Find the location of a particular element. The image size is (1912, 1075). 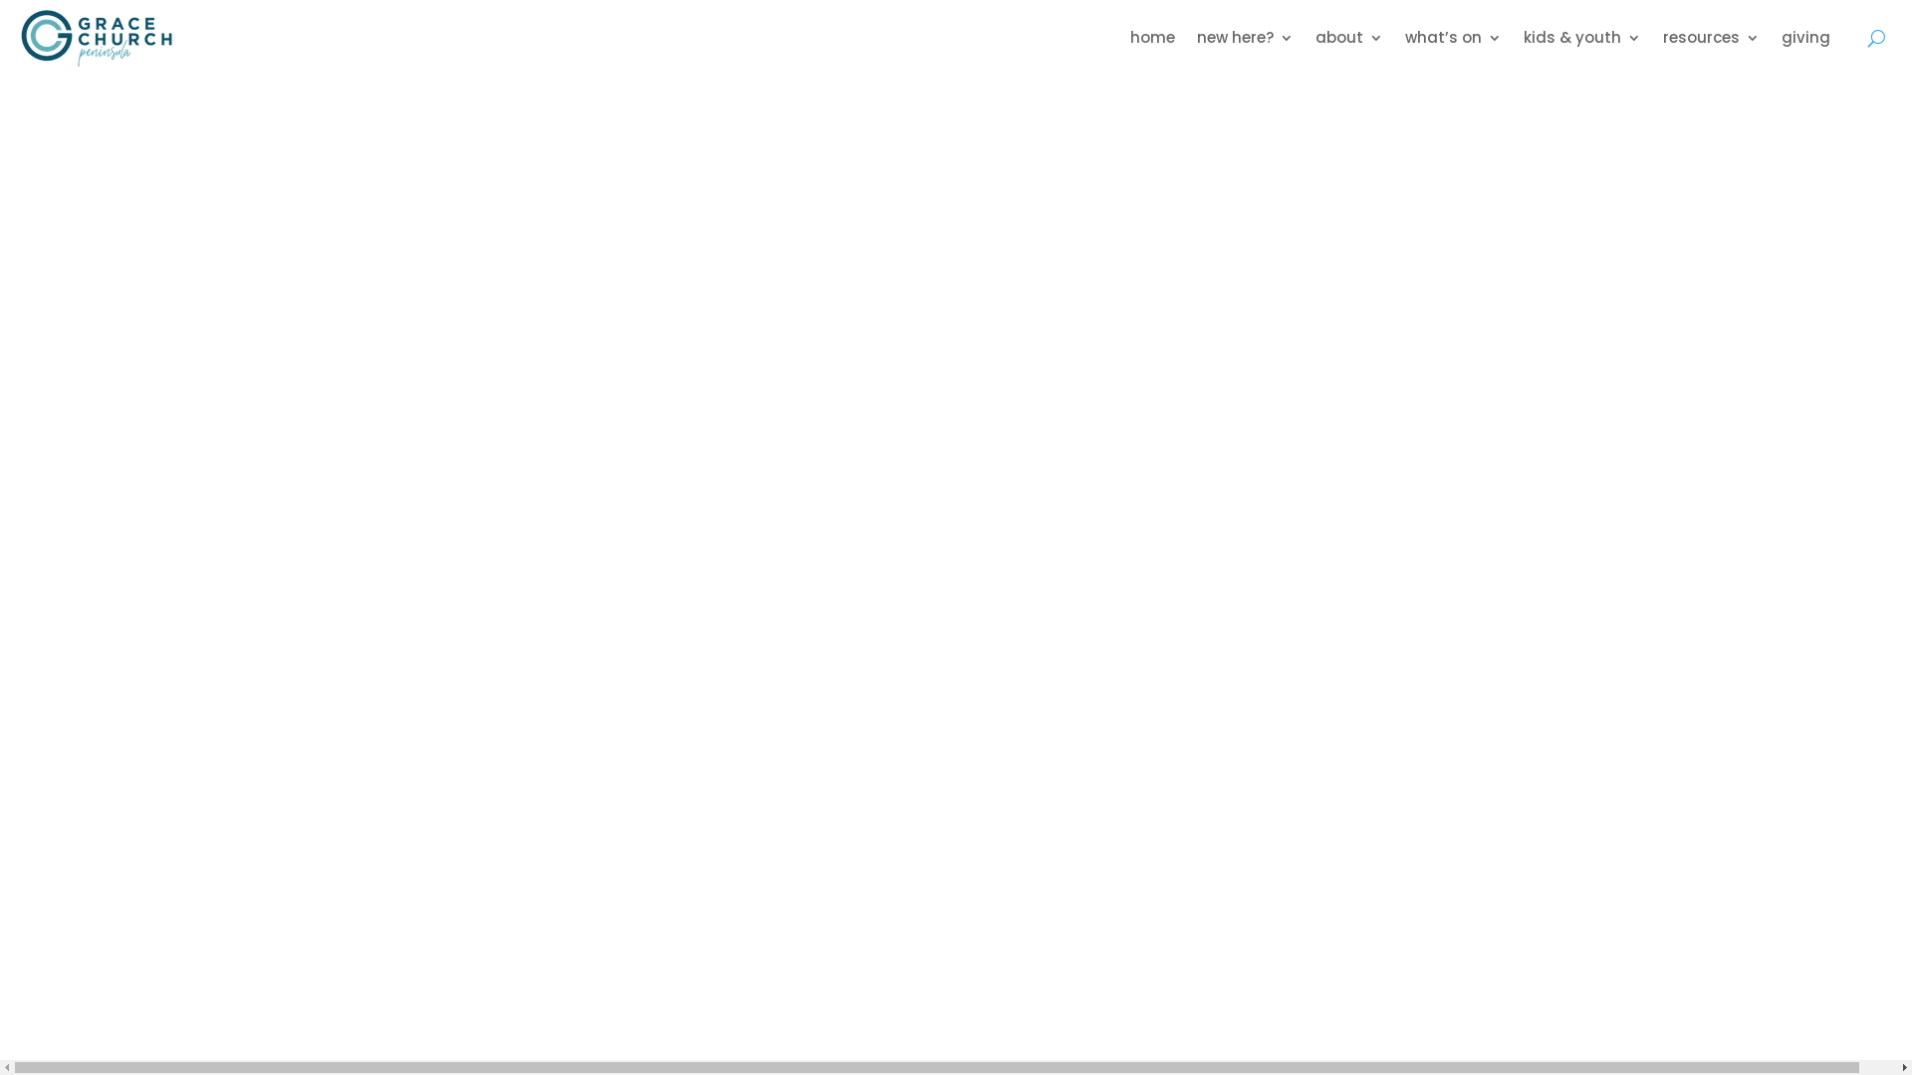

'home' is located at coordinates (1152, 38).